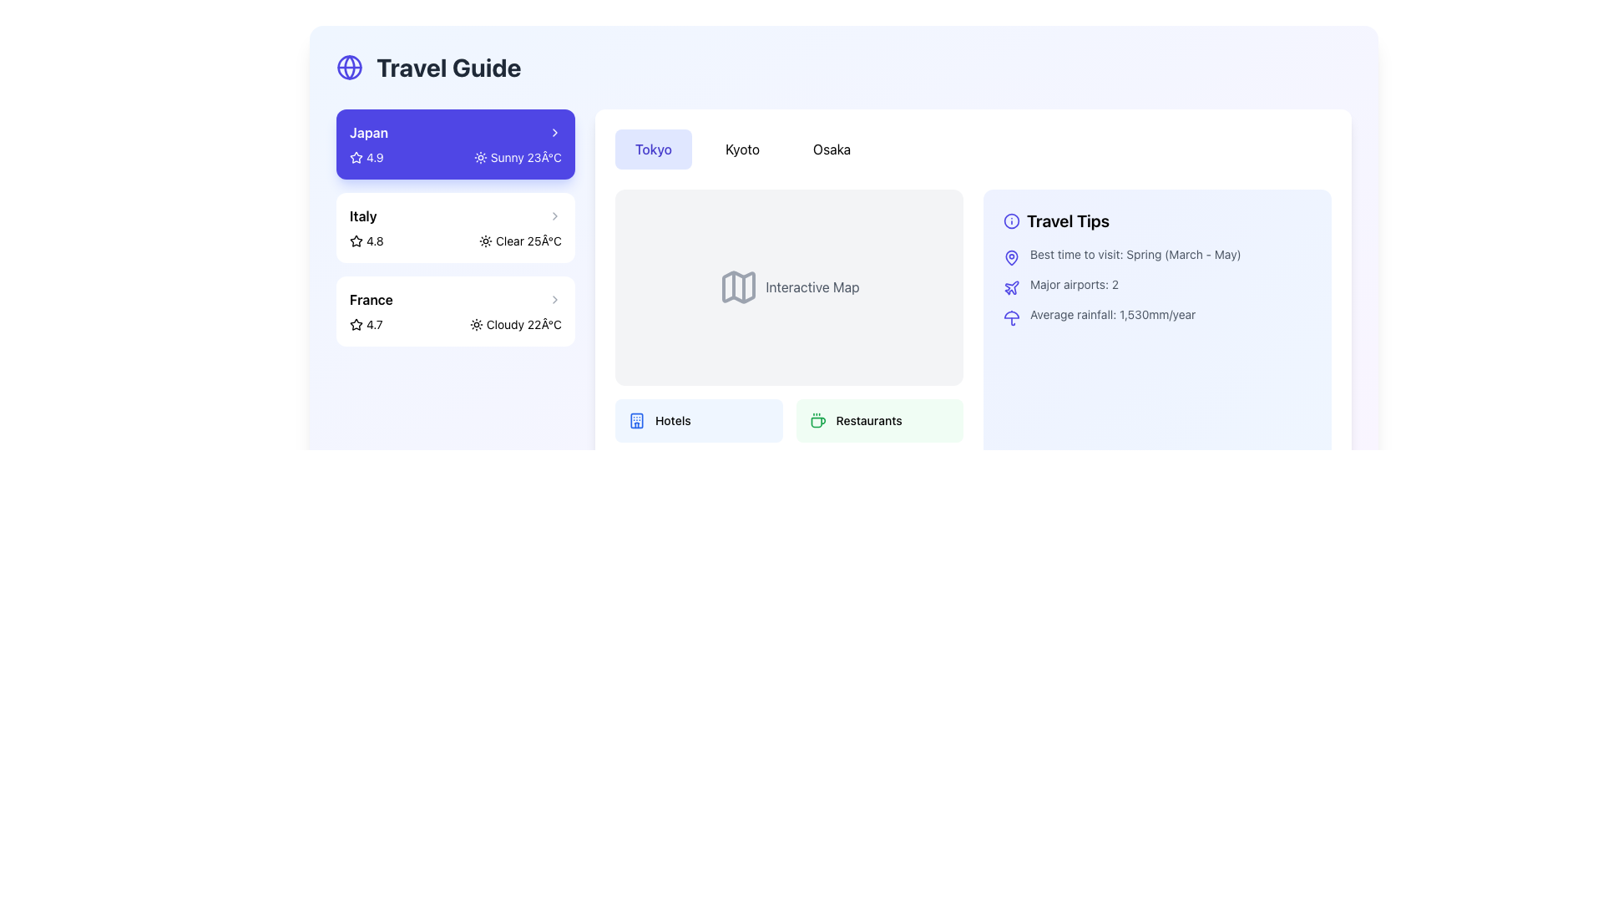 The width and height of the screenshot is (1603, 902). I want to click on the Informational Banner that serves as an informational display for accessing the interactive map feature, located centrally above the grid of selectable components, so click(788, 286).